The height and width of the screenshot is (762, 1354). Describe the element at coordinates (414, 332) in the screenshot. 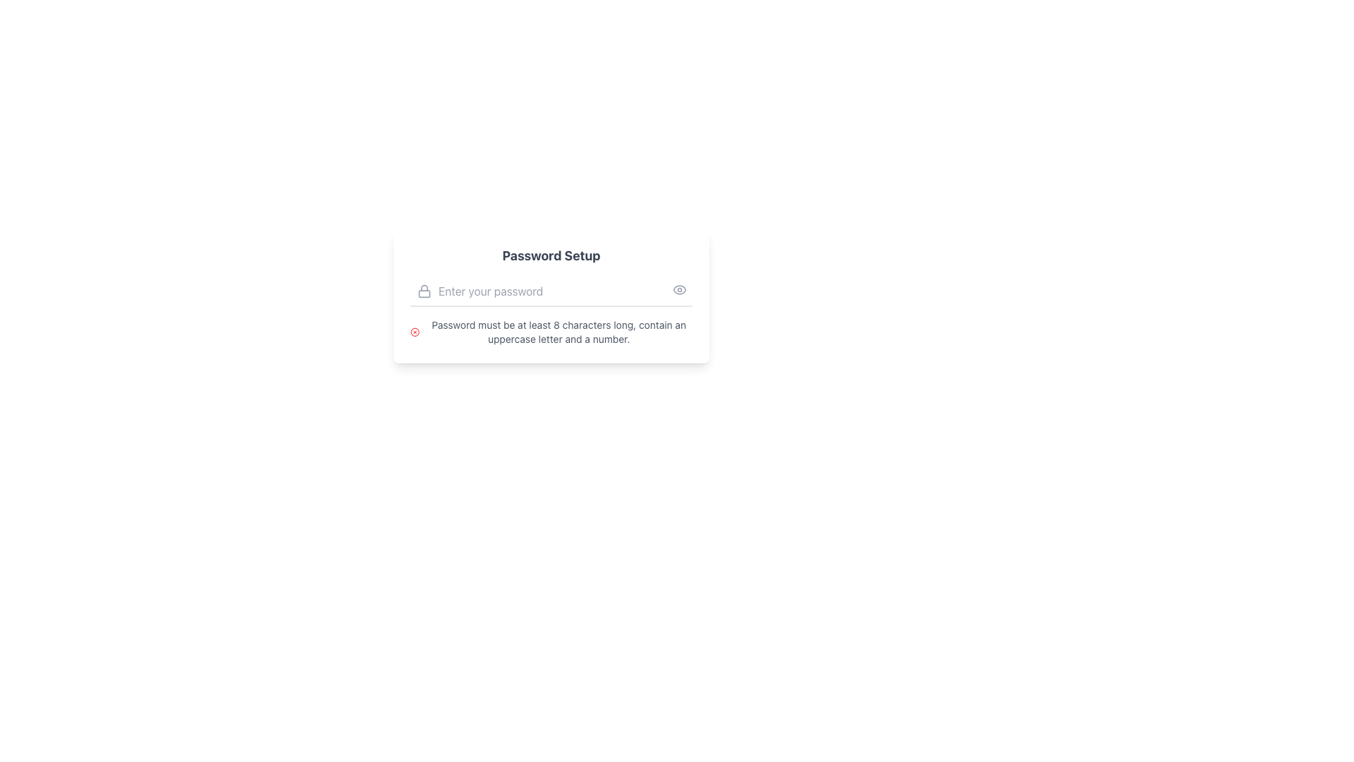

I see `the circular graphical icon element indicating password requirements located to the left of the password requirements text in the password setup section` at that location.